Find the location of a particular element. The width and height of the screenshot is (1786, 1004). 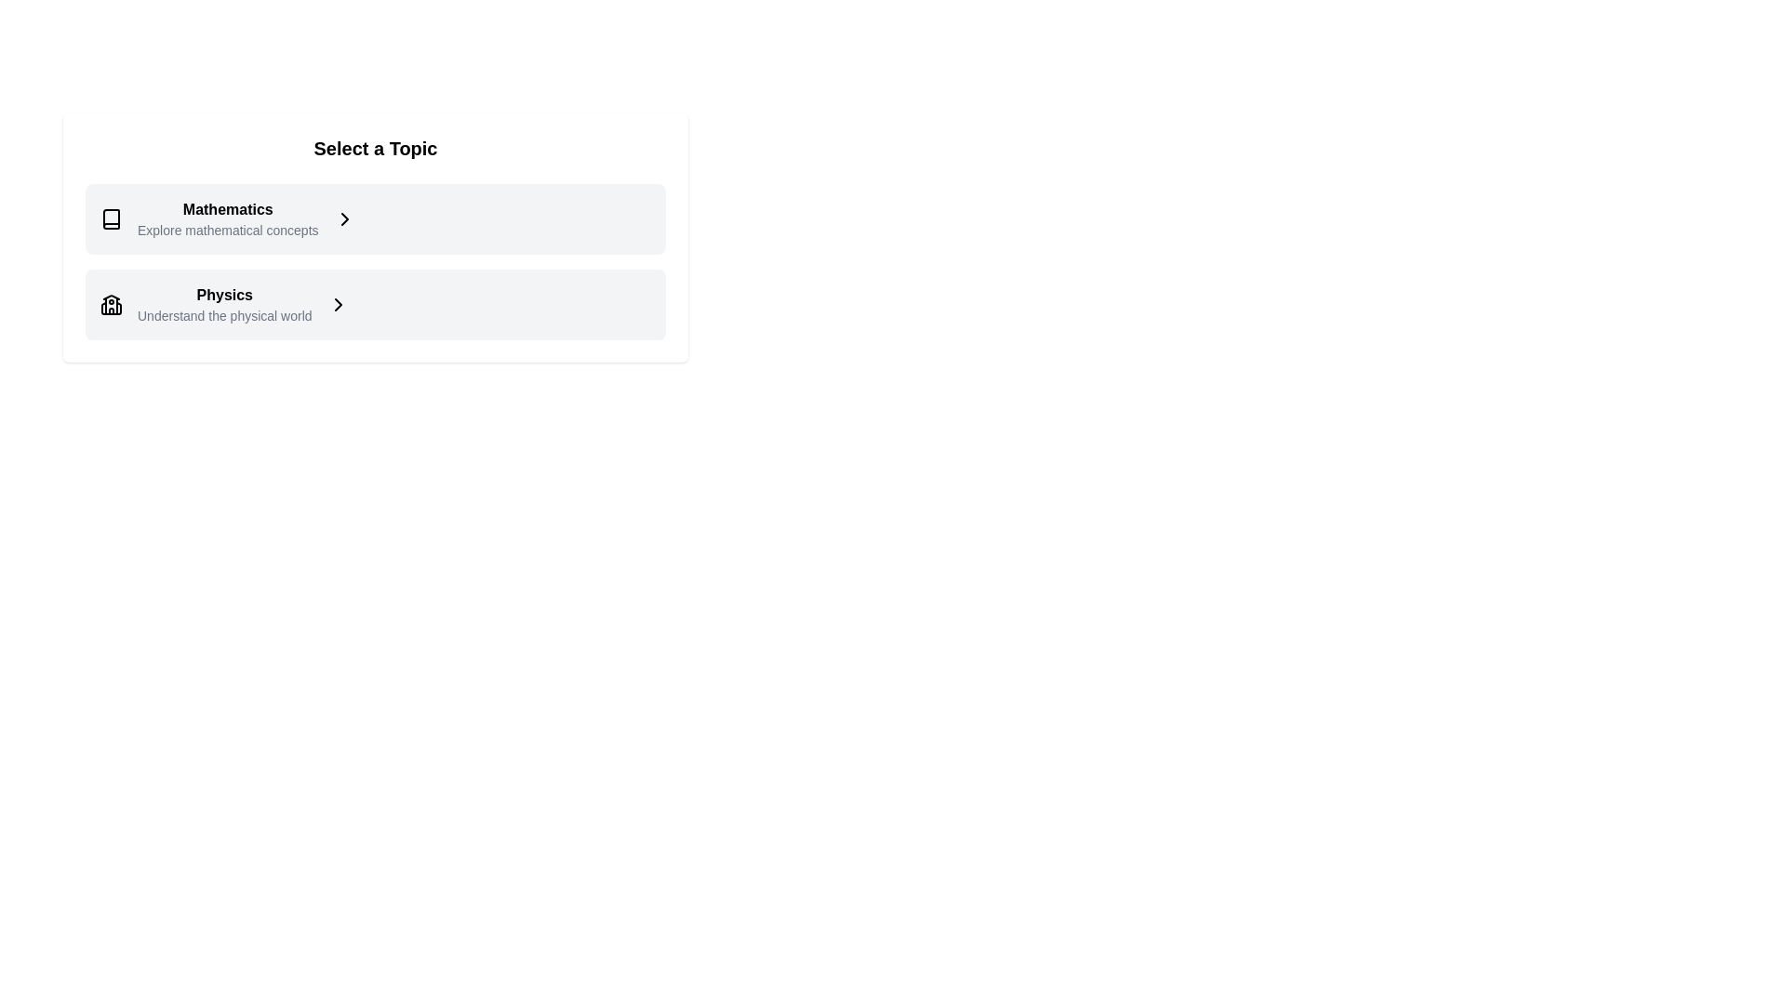

the decorative SVG icon representing a book, which visually supports the 'Mathematics' topic's label, located on the left side of the 'Mathematics' selectable option is located at coordinates (111, 218).